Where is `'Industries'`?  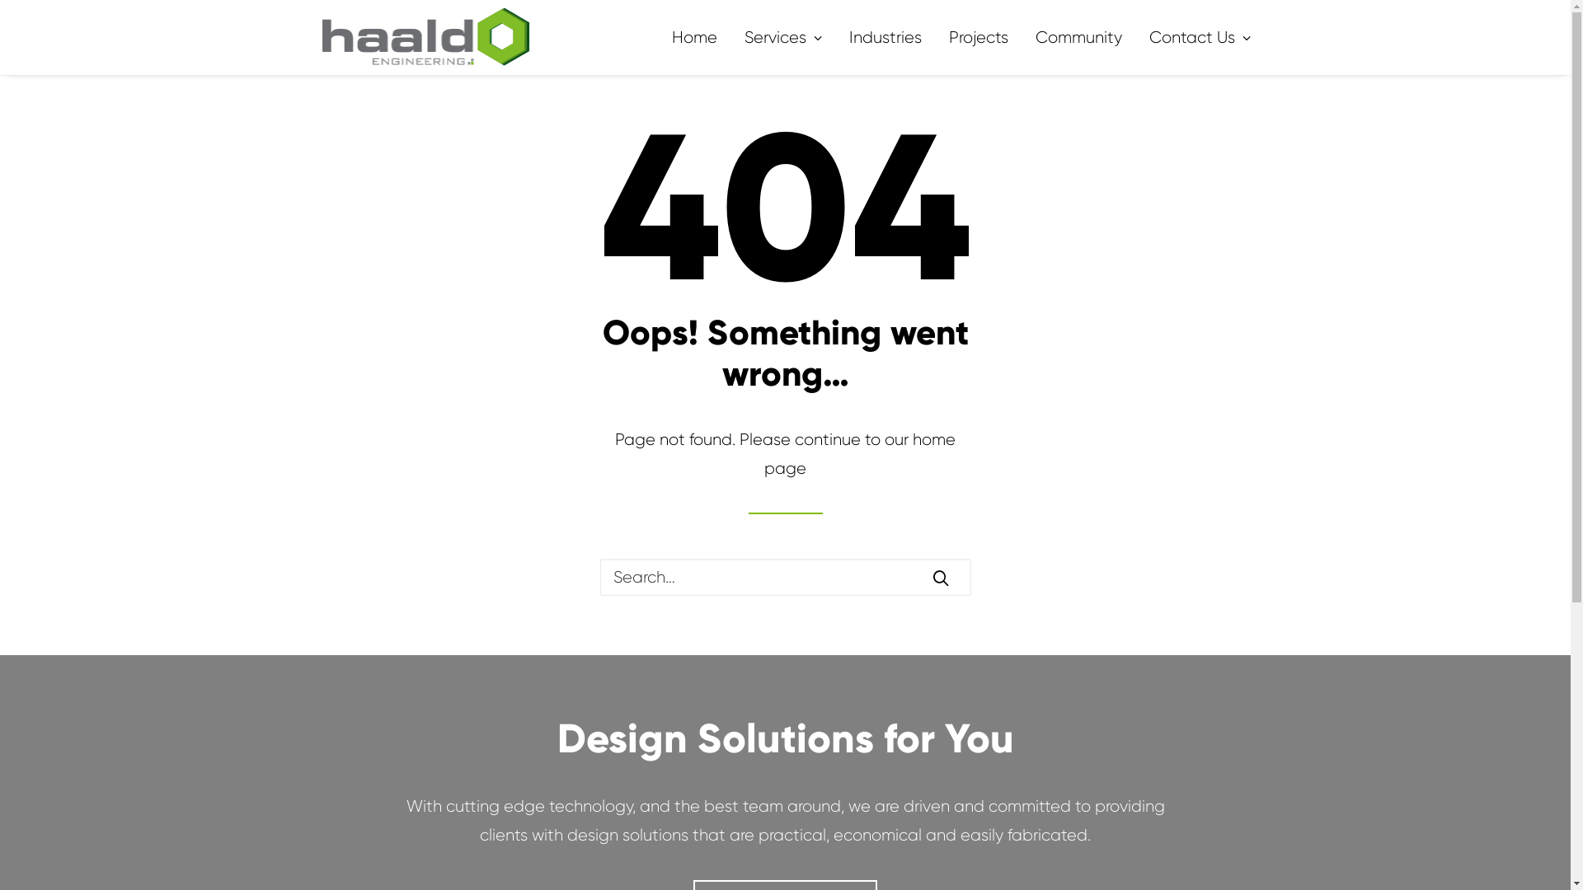 'Industries' is located at coordinates (885, 37).